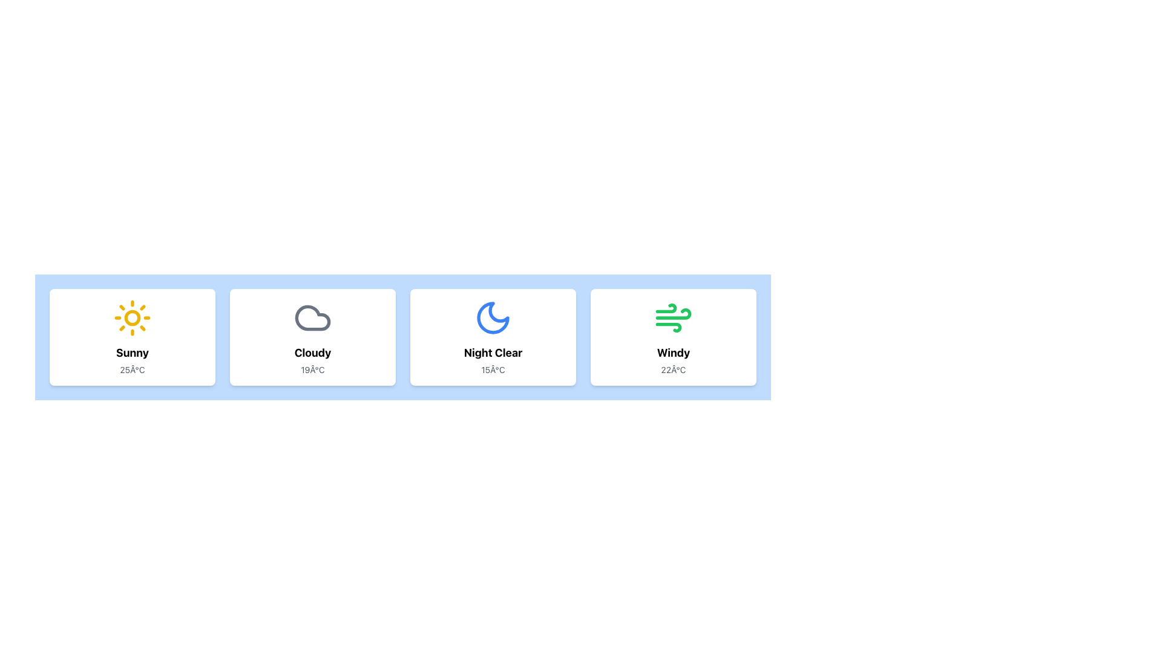 Image resolution: width=1162 pixels, height=653 pixels. What do you see at coordinates (313, 317) in the screenshot?
I see `the cloud-shaped icon located in the second card titled 'Cloudy' with the subtitle '19°C'` at bounding box center [313, 317].